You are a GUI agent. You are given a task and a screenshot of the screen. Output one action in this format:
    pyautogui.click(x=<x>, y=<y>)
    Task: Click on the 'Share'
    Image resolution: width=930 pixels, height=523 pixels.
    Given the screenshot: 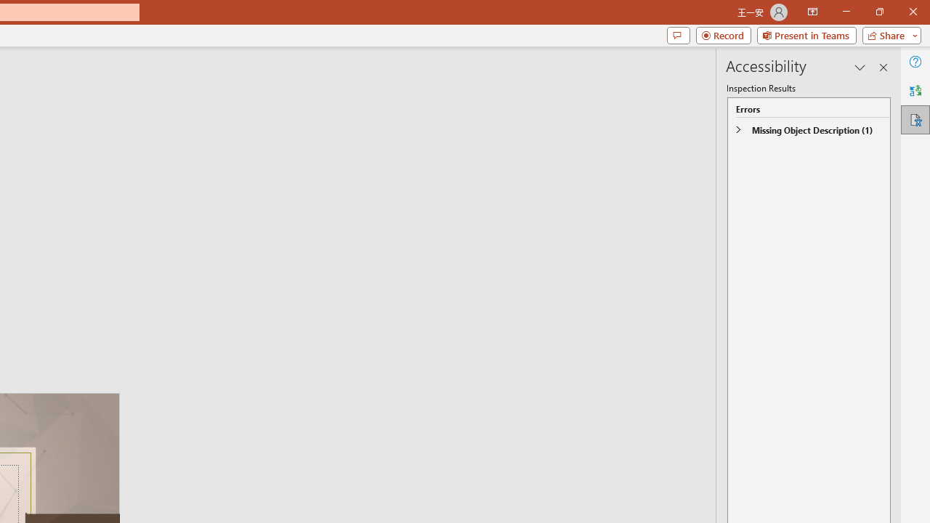 What is the action you would take?
    pyautogui.click(x=888, y=34)
    